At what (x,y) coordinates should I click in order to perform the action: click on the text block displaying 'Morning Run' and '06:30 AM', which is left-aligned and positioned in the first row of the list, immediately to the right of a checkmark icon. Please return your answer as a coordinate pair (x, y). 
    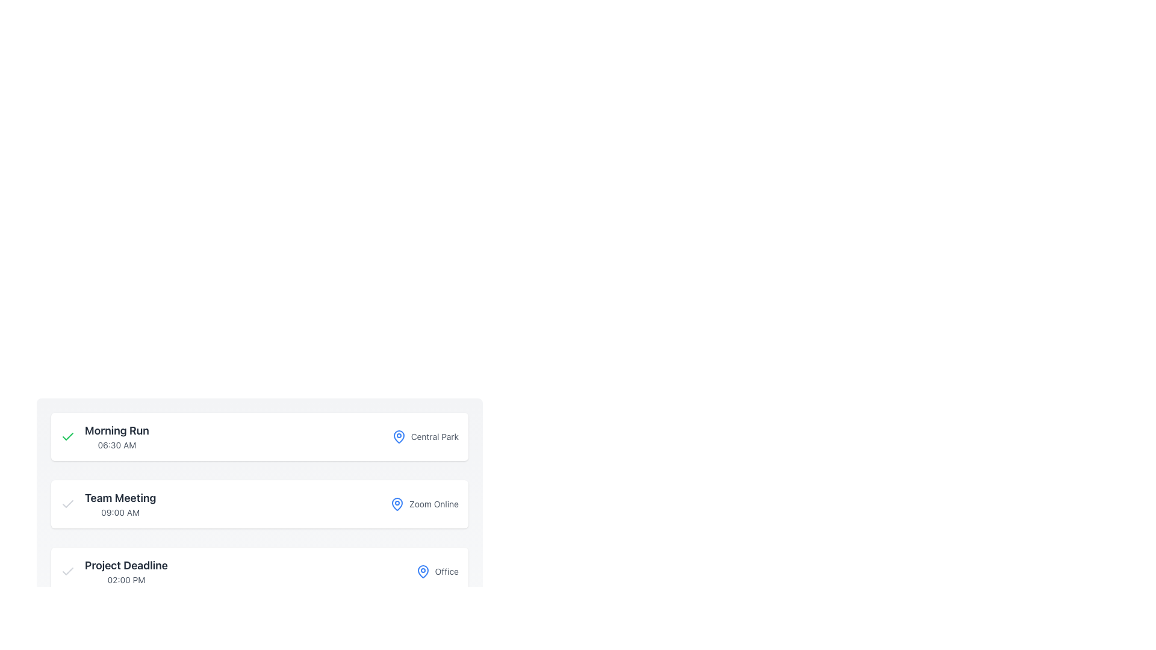
    Looking at the image, I should click on (117, 436).